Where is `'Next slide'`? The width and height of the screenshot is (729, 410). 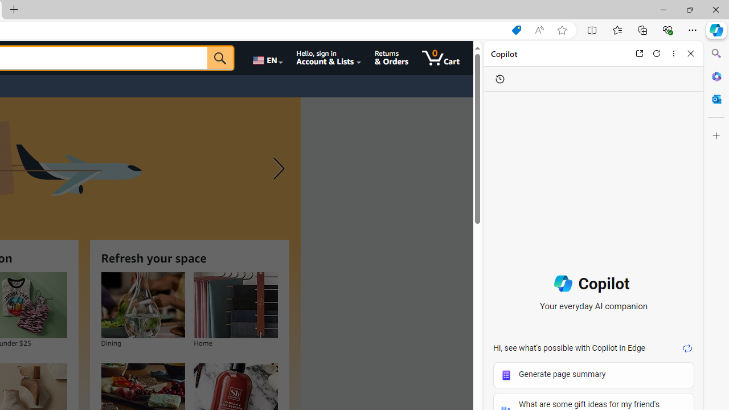 'Next slide' is located at coordinates (276, 169).